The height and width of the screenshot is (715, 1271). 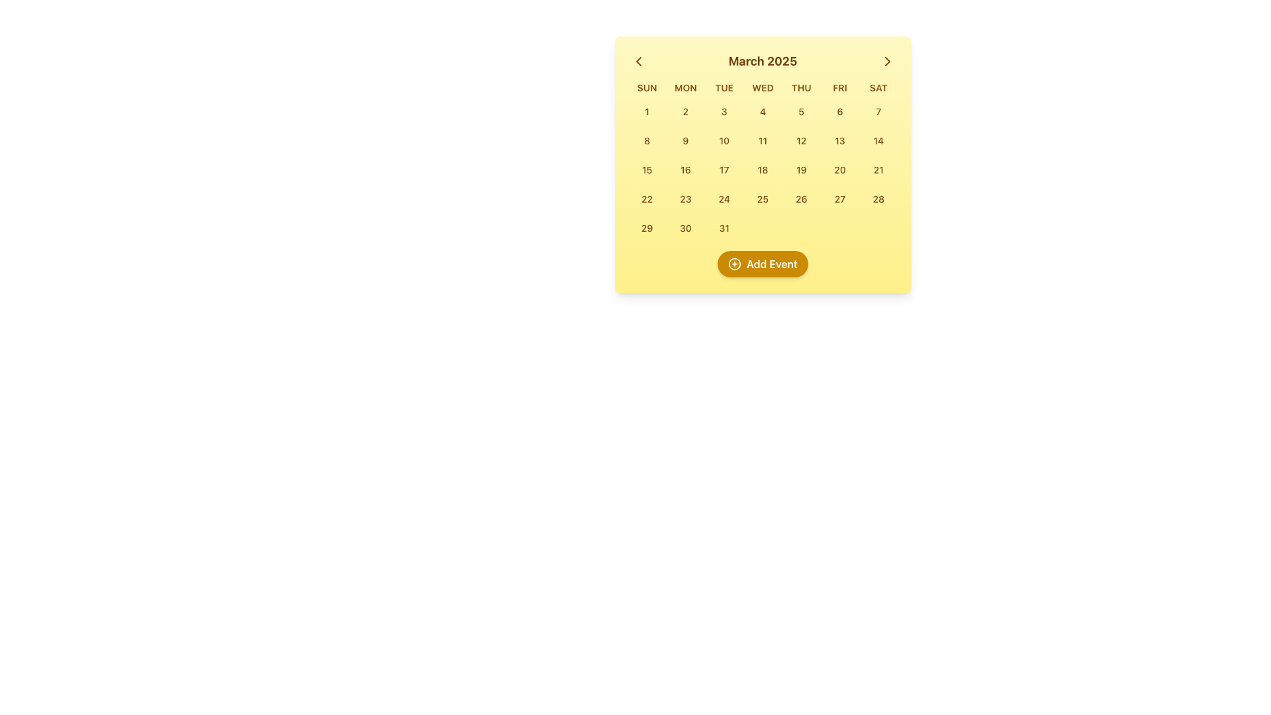 I want to click on the Calendar Date Cell representing the date '7' in the first row, seventh column of the March 2025 calendar, so click(x=878, y=111).